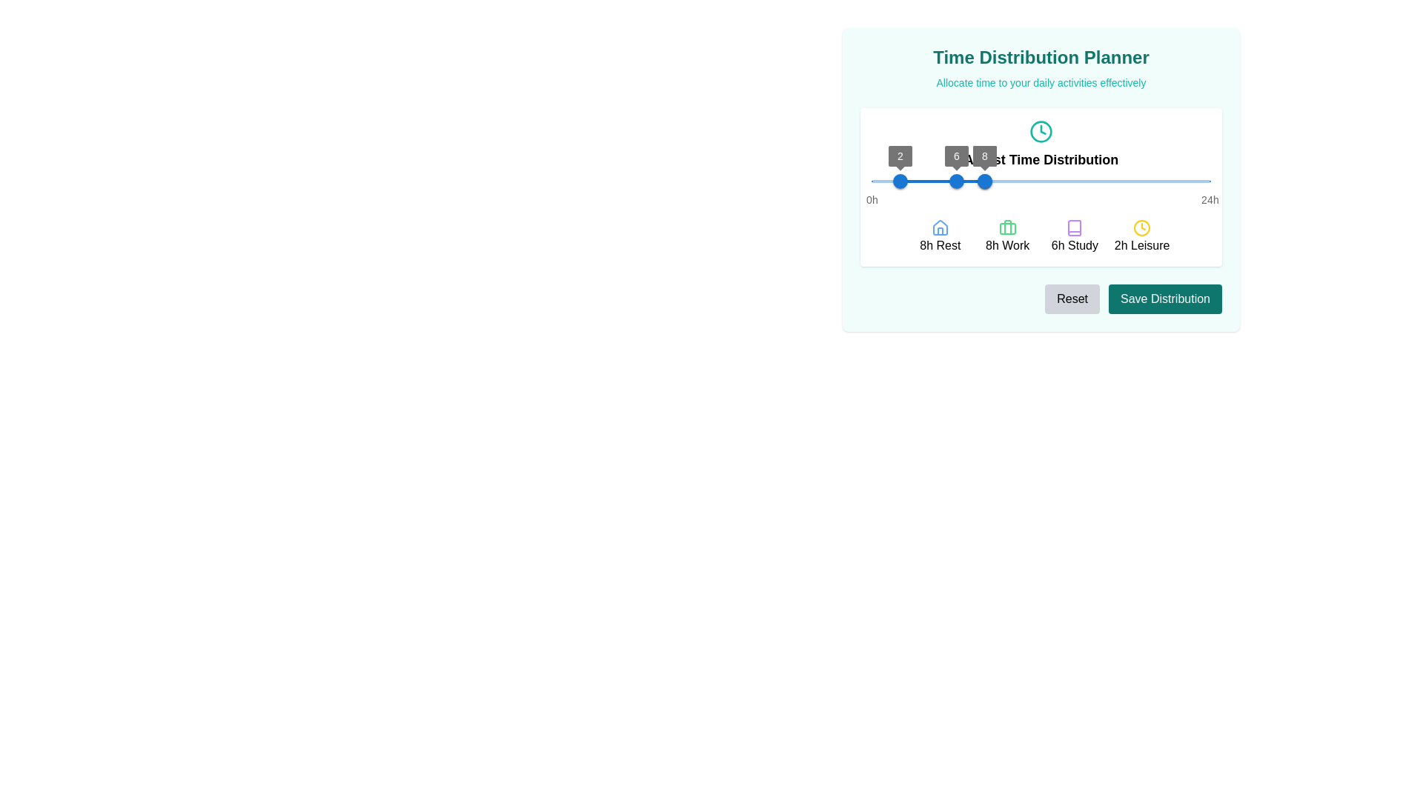 This screenshot has width=1423, height=800. What do you see at coordinates (985, 156) in the screenshot?
I see `the tooltip displaying the numerical value '8' above the third slider thumb in the 'Time Distribution Planner' section` at bounding box center [985, 156].